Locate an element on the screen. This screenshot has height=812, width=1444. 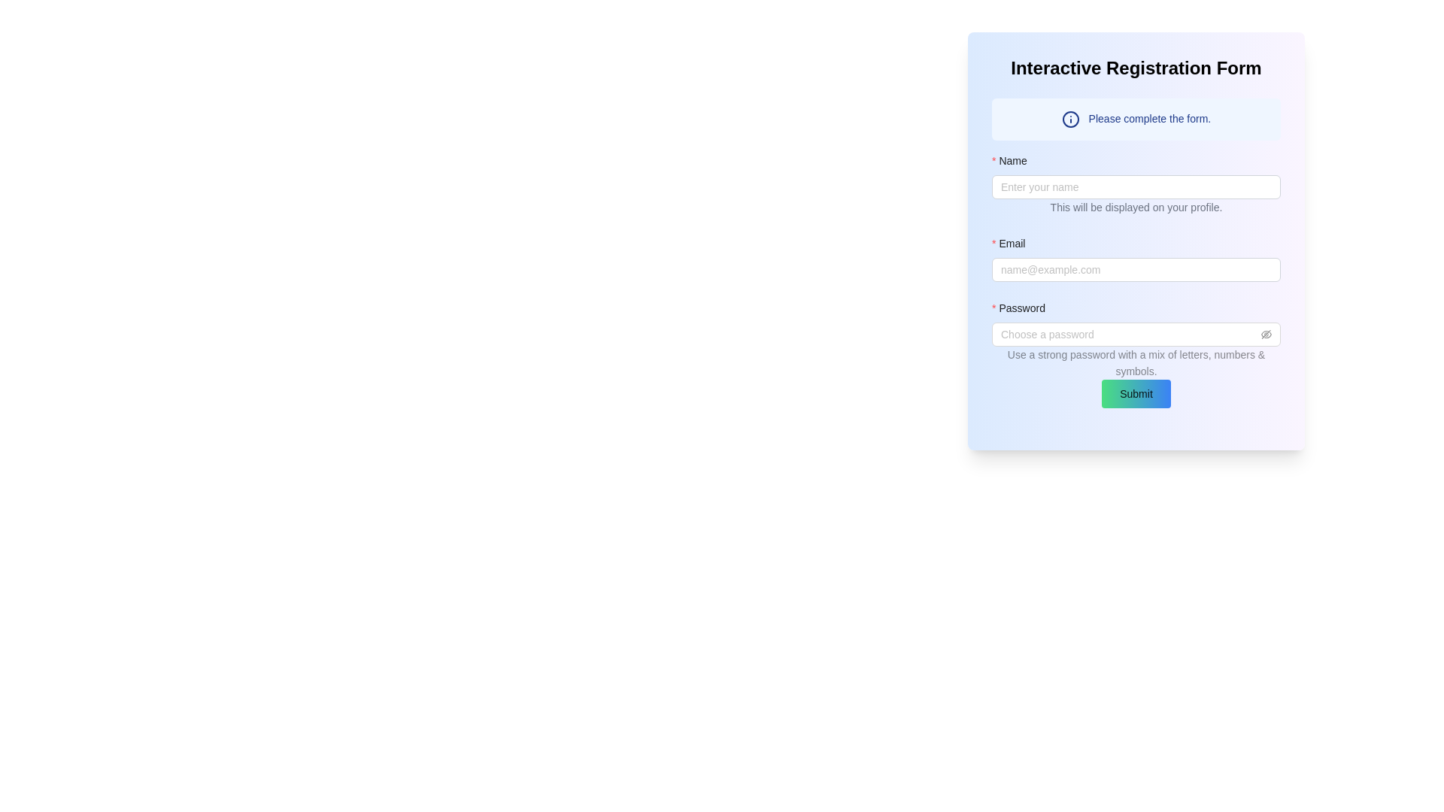
the Icon Button that toggles the visibility of the password field is located at coordinates (1266, 333).